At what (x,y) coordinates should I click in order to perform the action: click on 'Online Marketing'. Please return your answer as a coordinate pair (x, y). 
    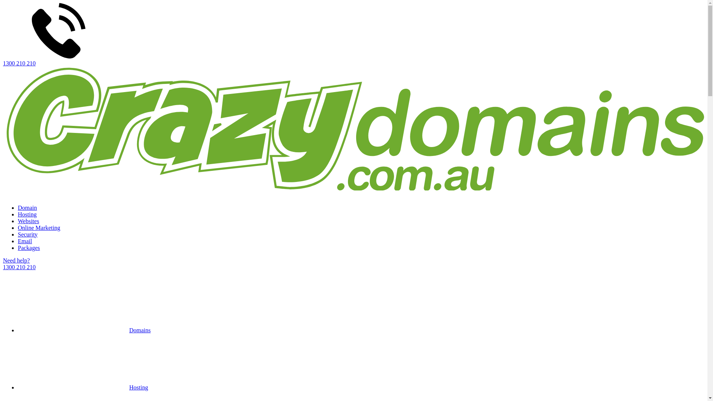
    Looking at the image, I should click on (39, 227).